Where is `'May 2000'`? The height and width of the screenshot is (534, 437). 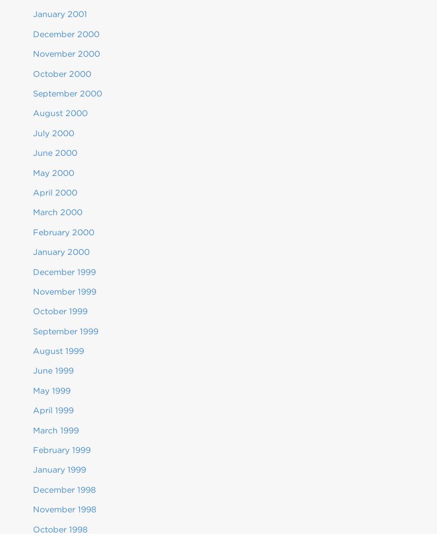 'May 2000' is located at coordinates (53, 172).